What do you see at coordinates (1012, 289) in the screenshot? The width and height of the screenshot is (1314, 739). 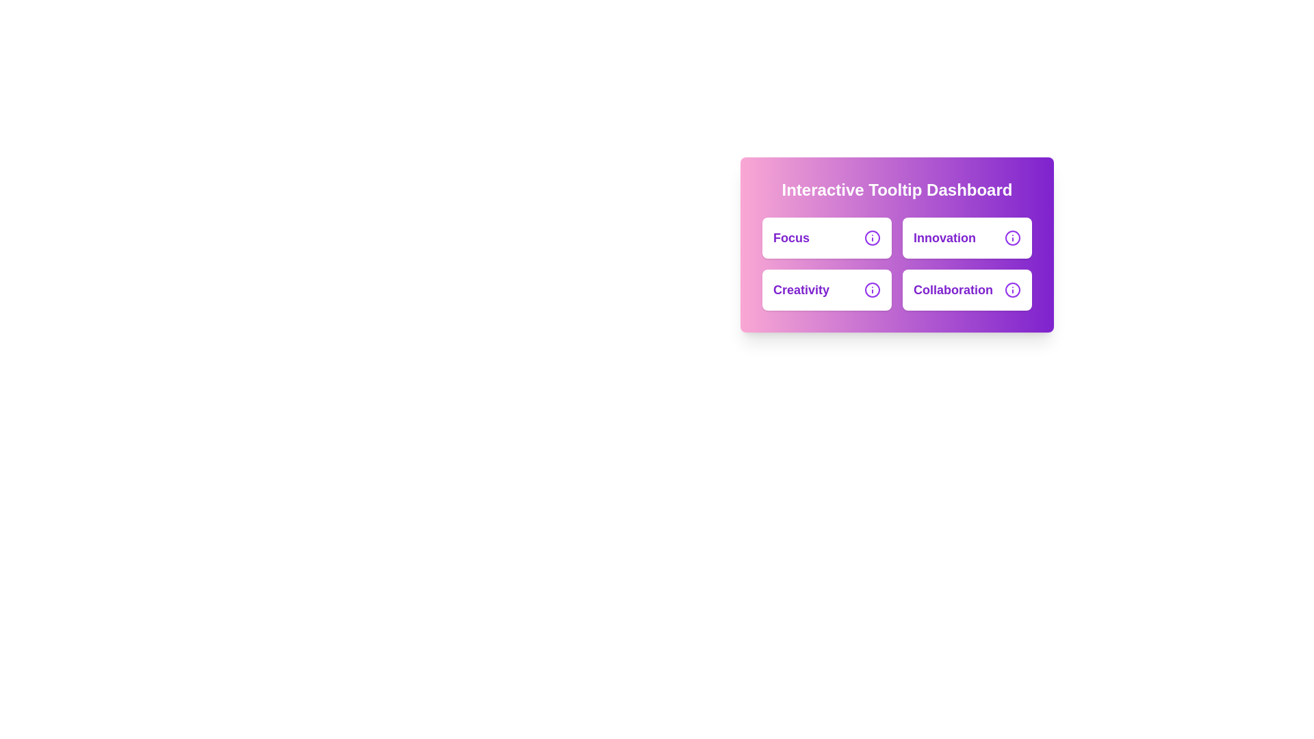 I see `the circular element with a purple border, which is part of the 'info' icon located at the bottom-right corner of the 'Collaboration' block on the main purple dashboard` at bounding box center [1012, 289].